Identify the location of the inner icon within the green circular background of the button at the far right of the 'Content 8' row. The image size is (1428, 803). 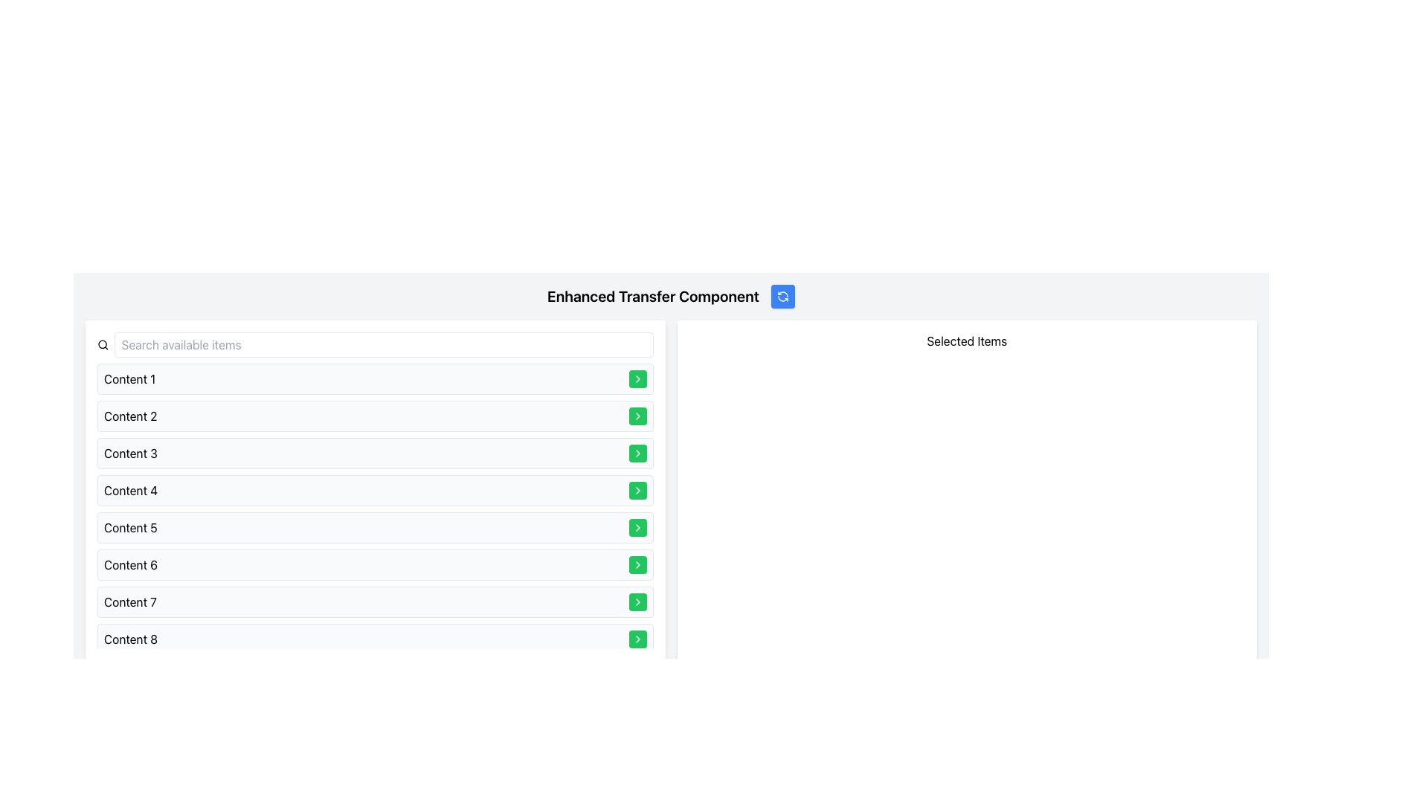
(637, 639).